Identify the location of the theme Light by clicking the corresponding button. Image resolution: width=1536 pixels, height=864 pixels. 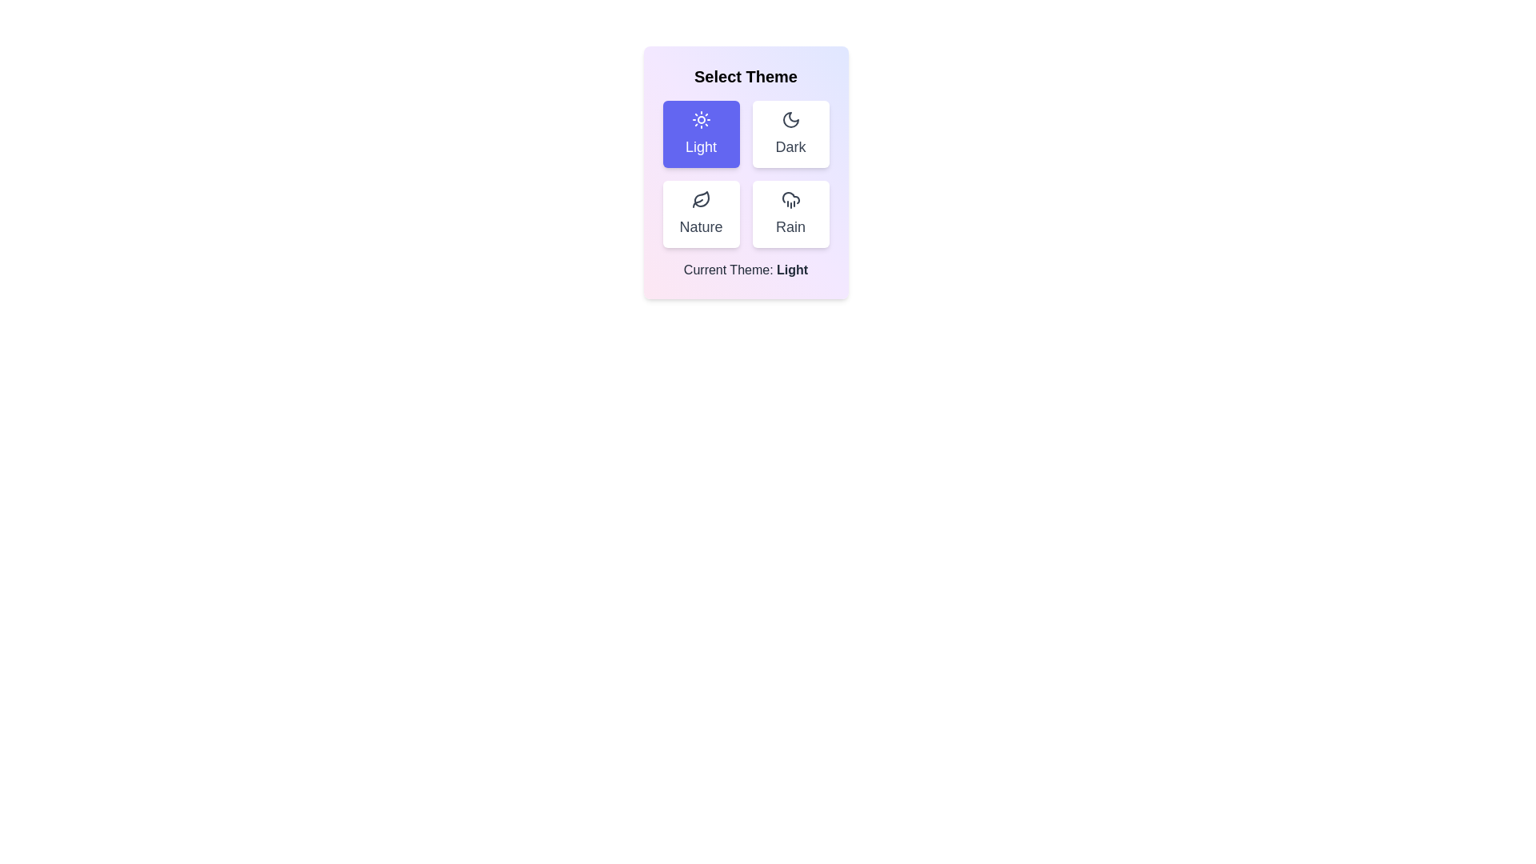
(701, 134).